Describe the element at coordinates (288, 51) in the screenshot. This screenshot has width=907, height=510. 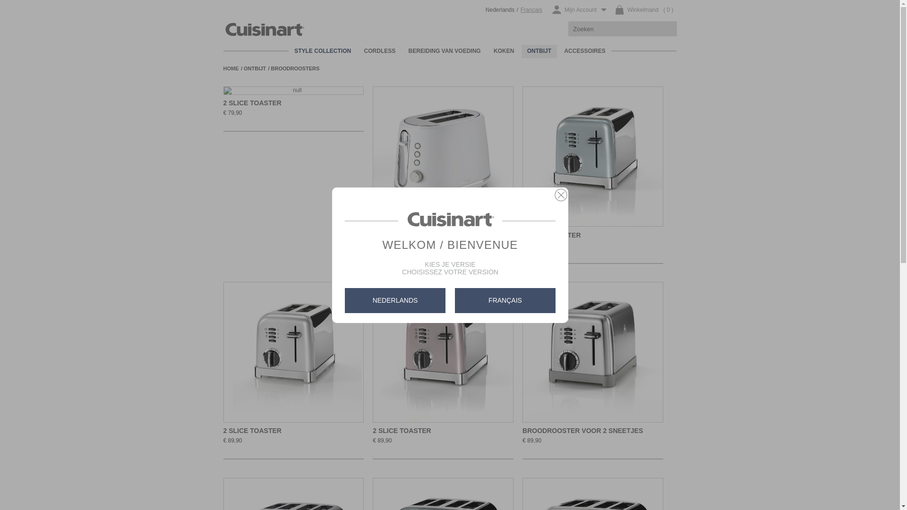
I see `'STYLE COLLECTION'` at that location.